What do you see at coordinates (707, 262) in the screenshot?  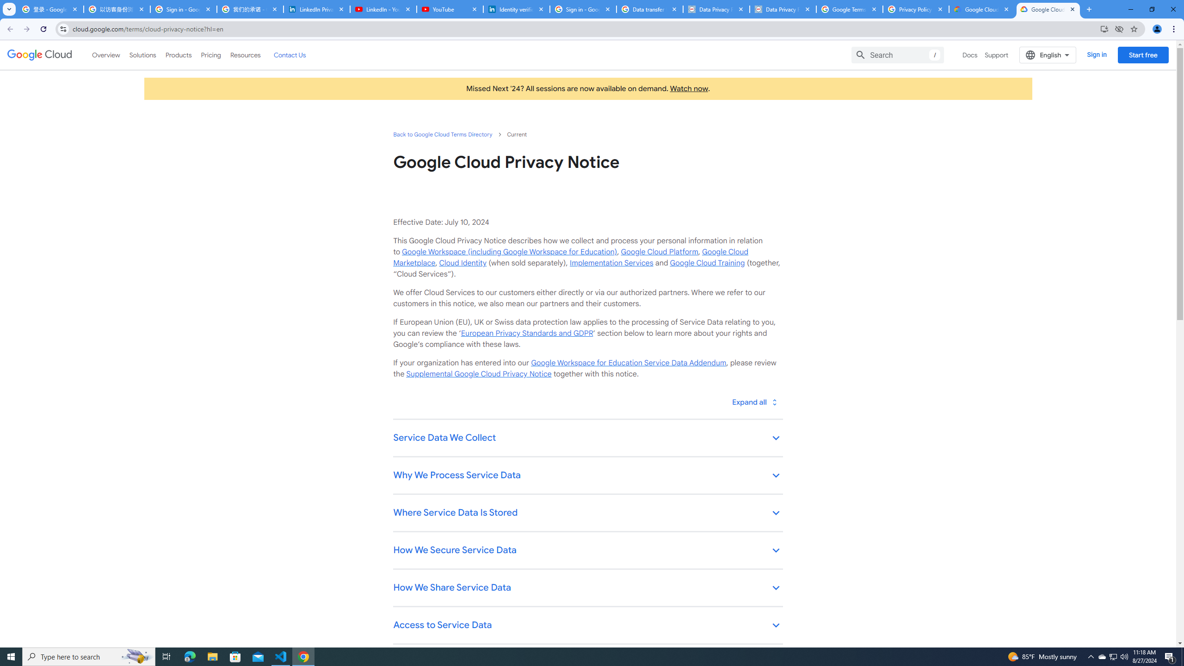 I see `'Google Cloud Training'` at bounding box center [707, 262].